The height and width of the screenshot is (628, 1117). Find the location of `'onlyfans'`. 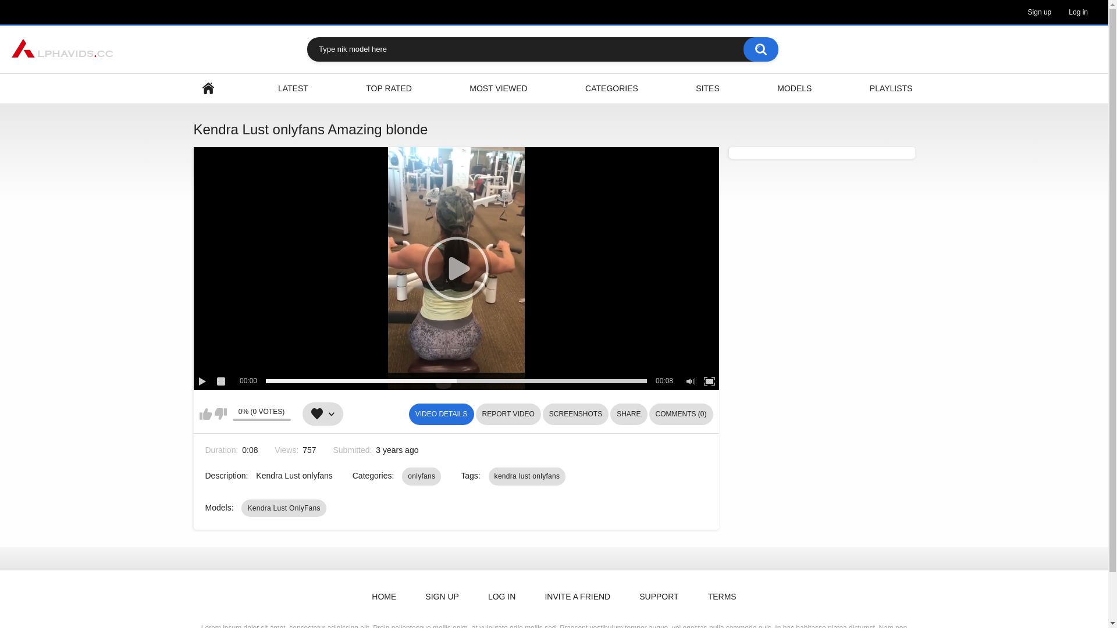

'onlyfans' is located at coordinates (421, 476).